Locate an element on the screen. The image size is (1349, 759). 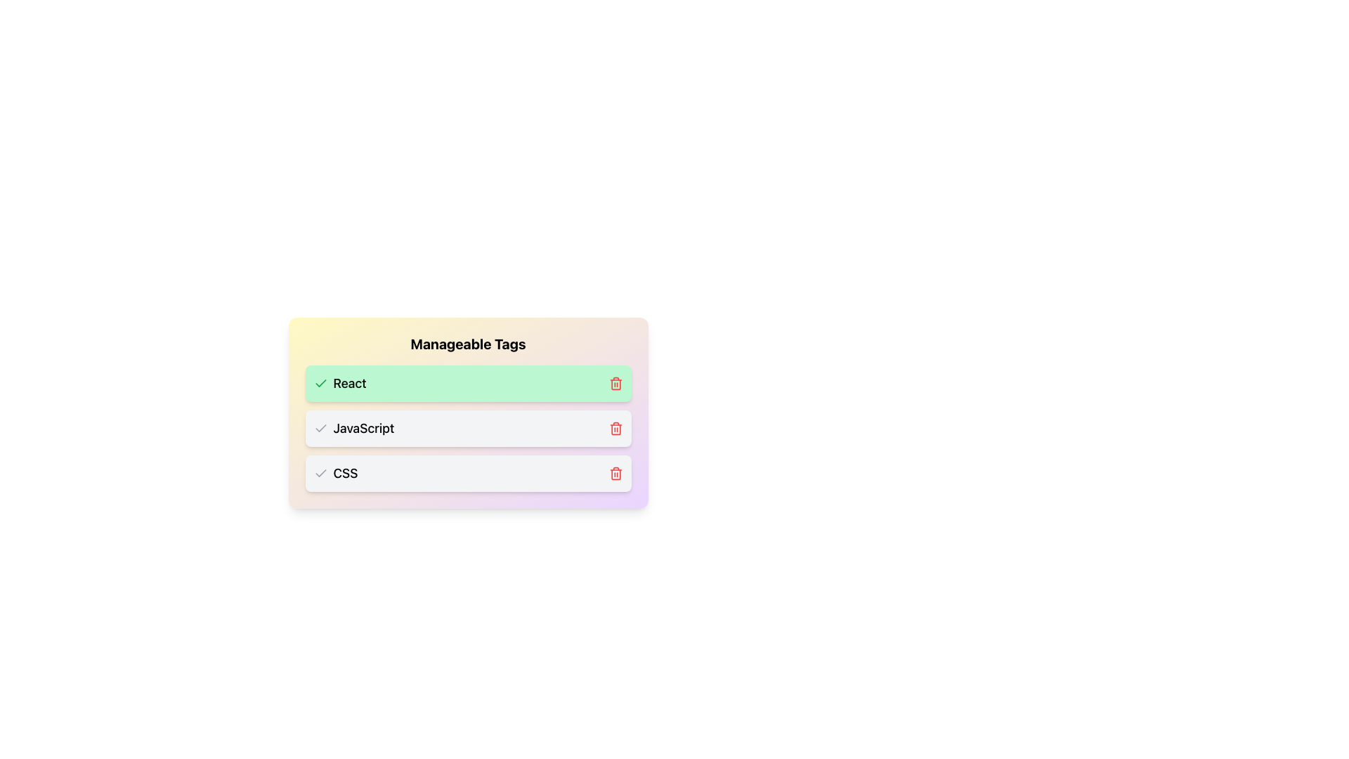
the delete button icon for removing the 'JavaScript' tag, which is positioned at the end of the tag's segment is located at coordinates (615, 427).